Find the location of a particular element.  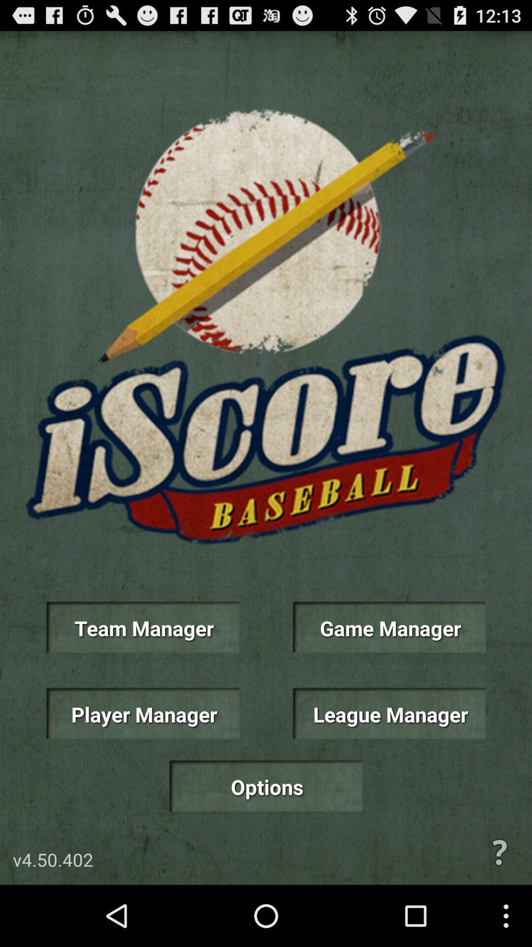

the help icon is located at coordinates (499, 911).